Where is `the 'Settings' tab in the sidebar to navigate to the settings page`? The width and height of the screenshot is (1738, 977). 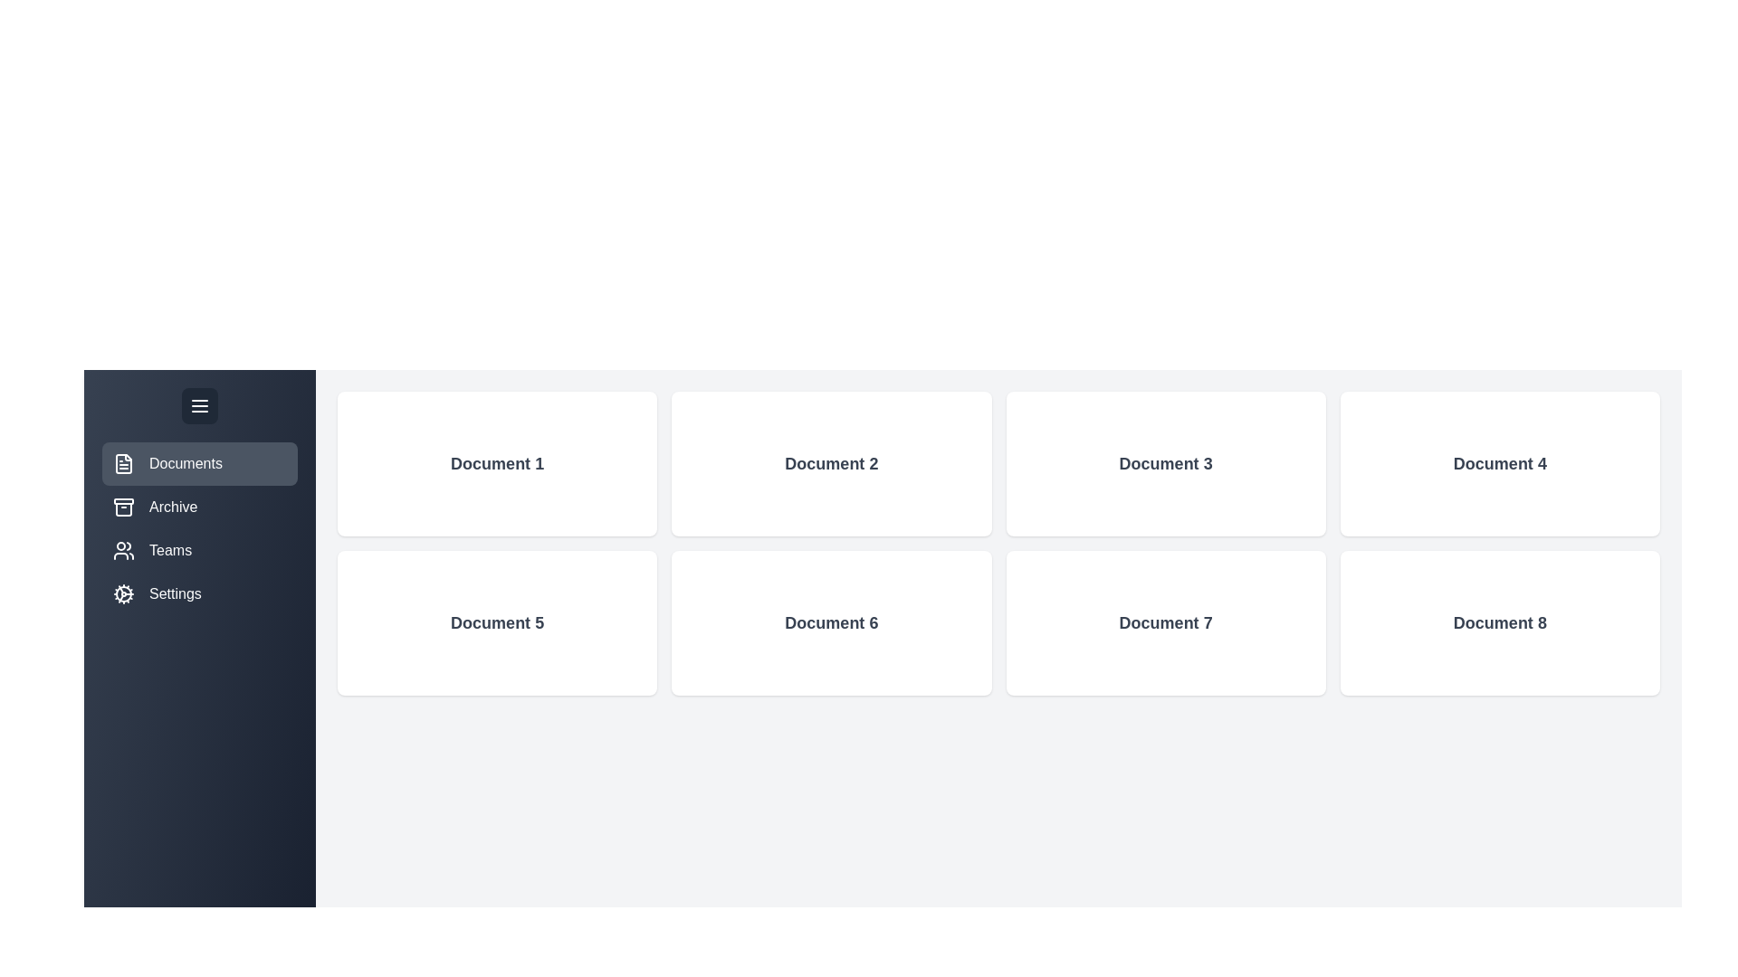
the 'Settings' tab in the sidebar to navigate to the settings page is located at coordinates (199, 593).